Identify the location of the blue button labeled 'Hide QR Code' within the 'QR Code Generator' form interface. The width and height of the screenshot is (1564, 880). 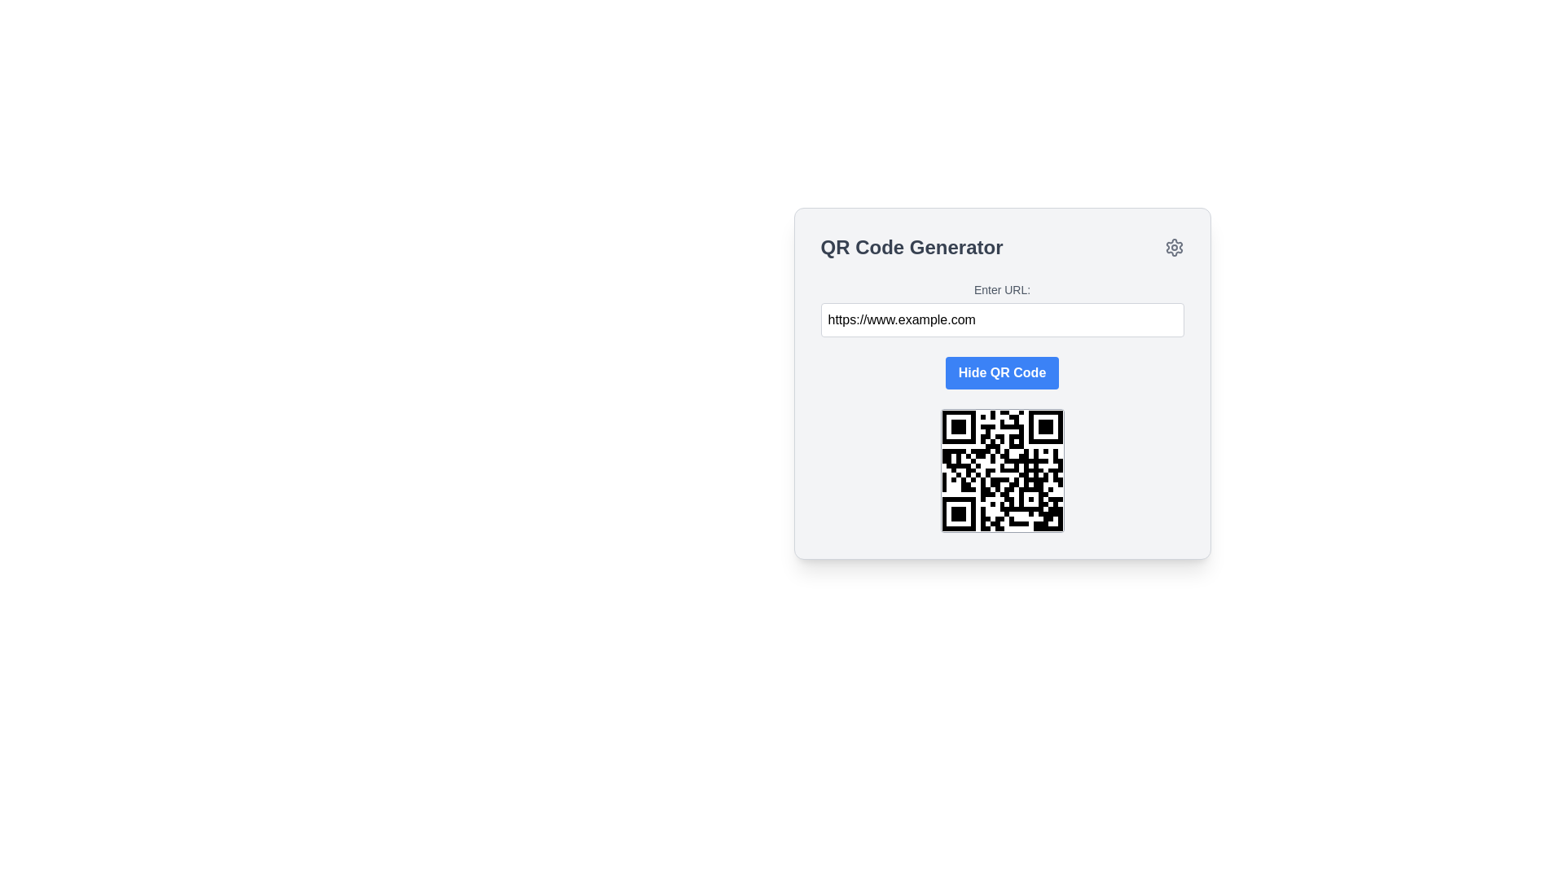
(1001, 383).